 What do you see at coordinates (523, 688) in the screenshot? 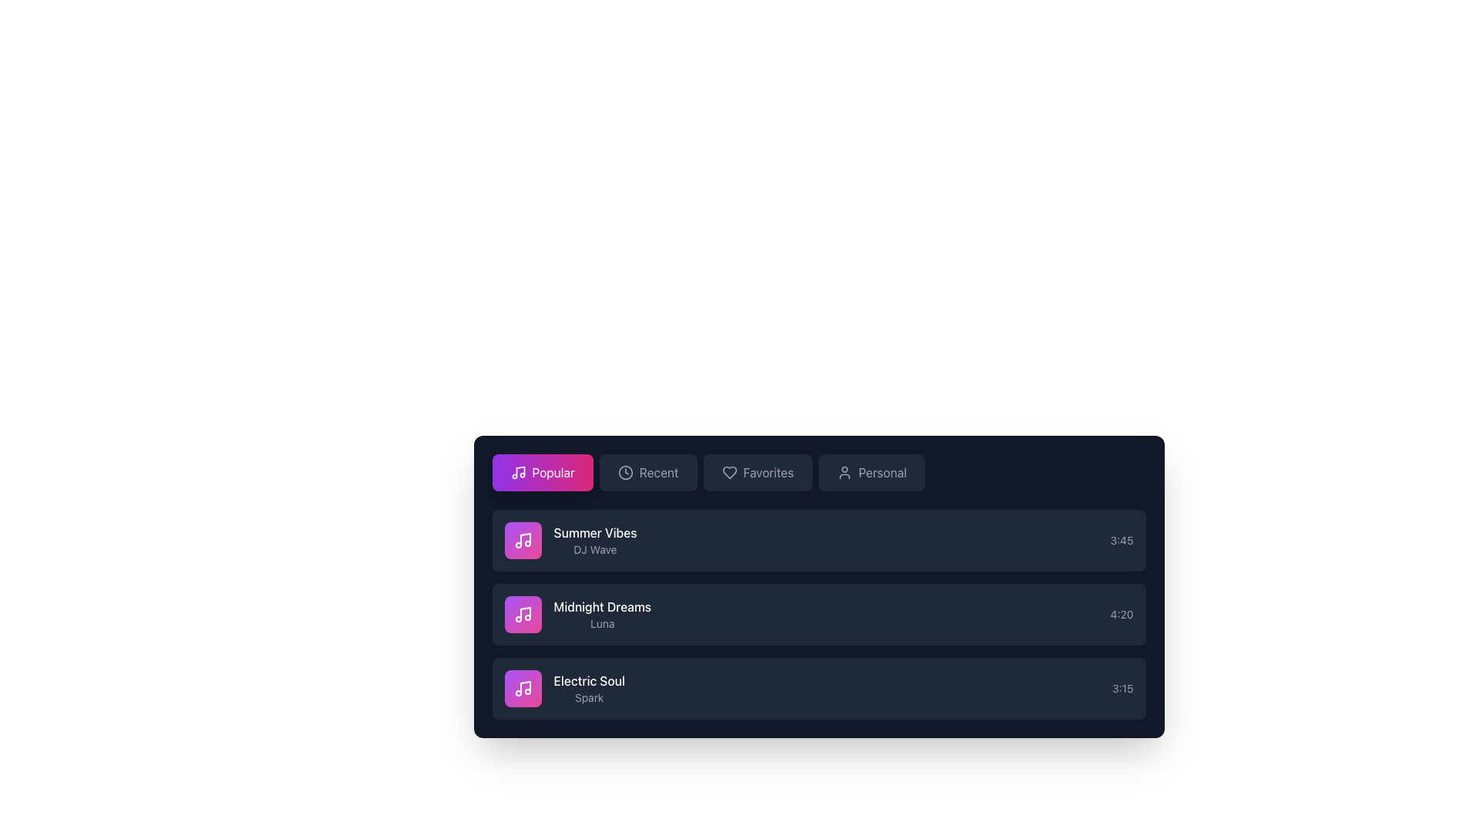
I see `the Decorative icon representing a musical note within the button for the 'Electric Soul' music item, which is styled with a gradient background and located at the far right of the list` at bounding box center [523, 688].